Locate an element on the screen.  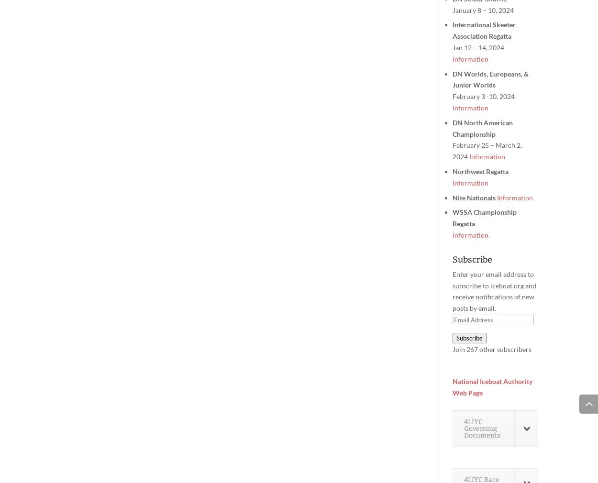
'International Skeeter Association Regatta' is located at coordinates (484, 30).